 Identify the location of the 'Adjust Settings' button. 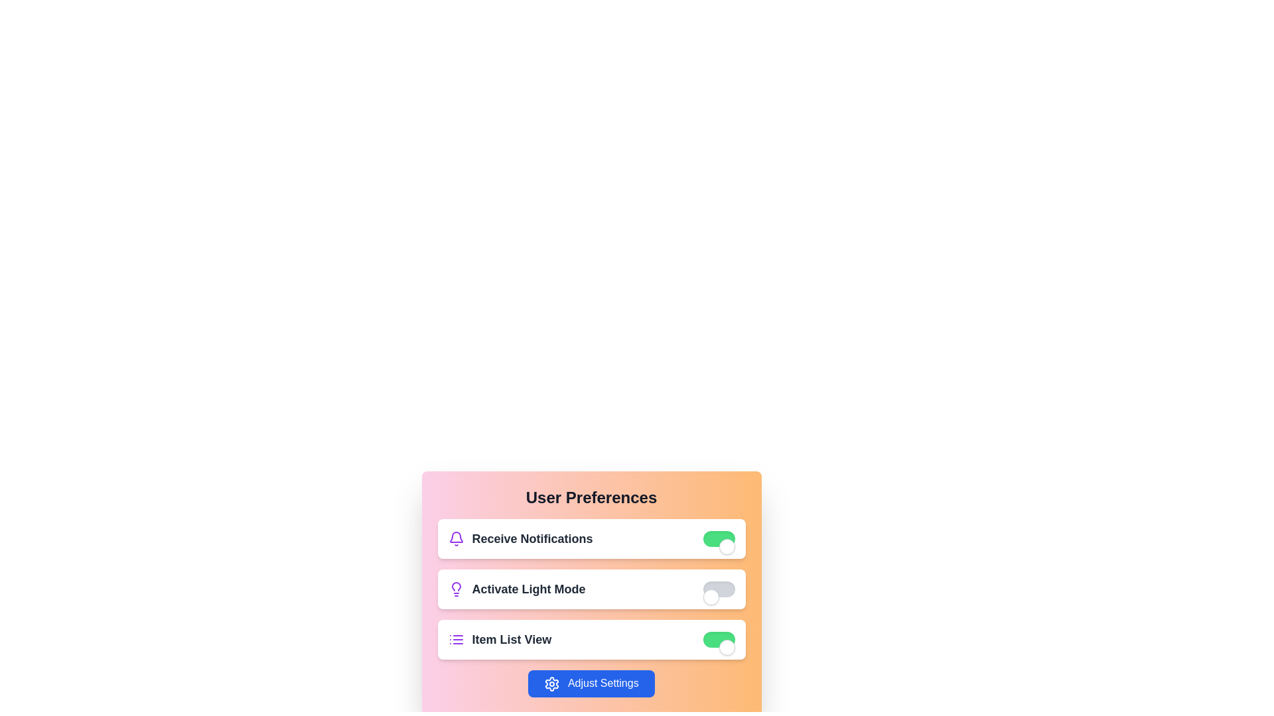
(591, 684).